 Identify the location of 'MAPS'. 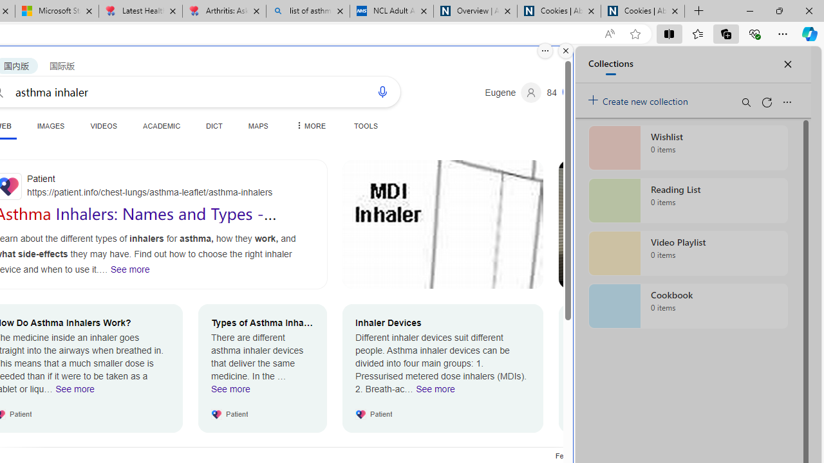
(257, 125).